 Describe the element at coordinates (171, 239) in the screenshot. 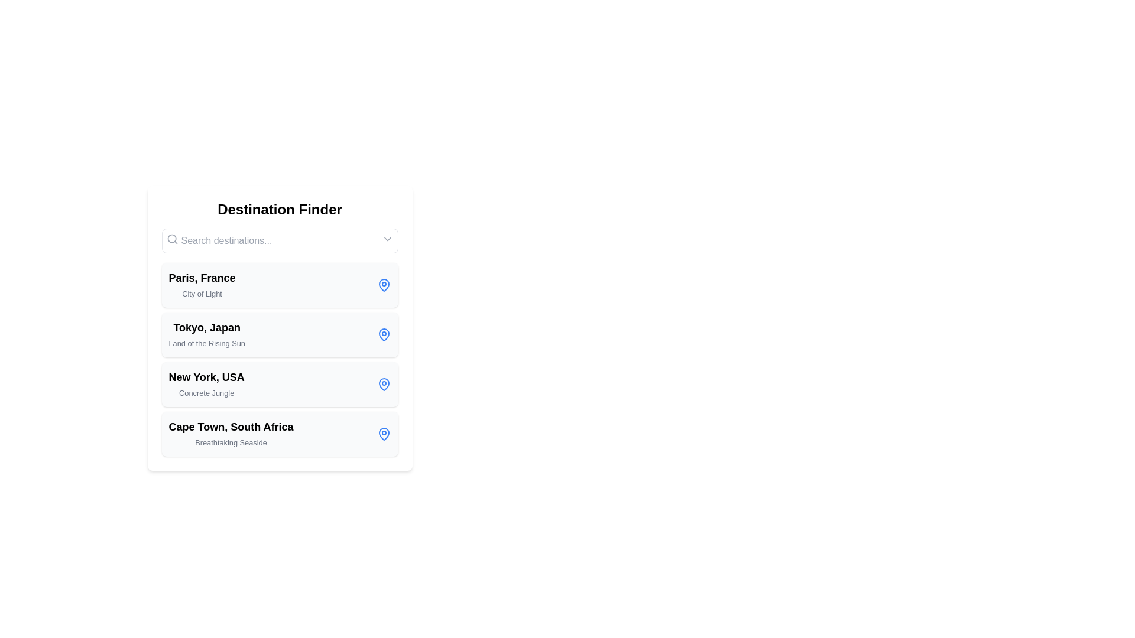

I see `the circular lens of the magnifying glass icon located to the left of the 'Search destinations...' input field in the Destination Finder interface` at that location.